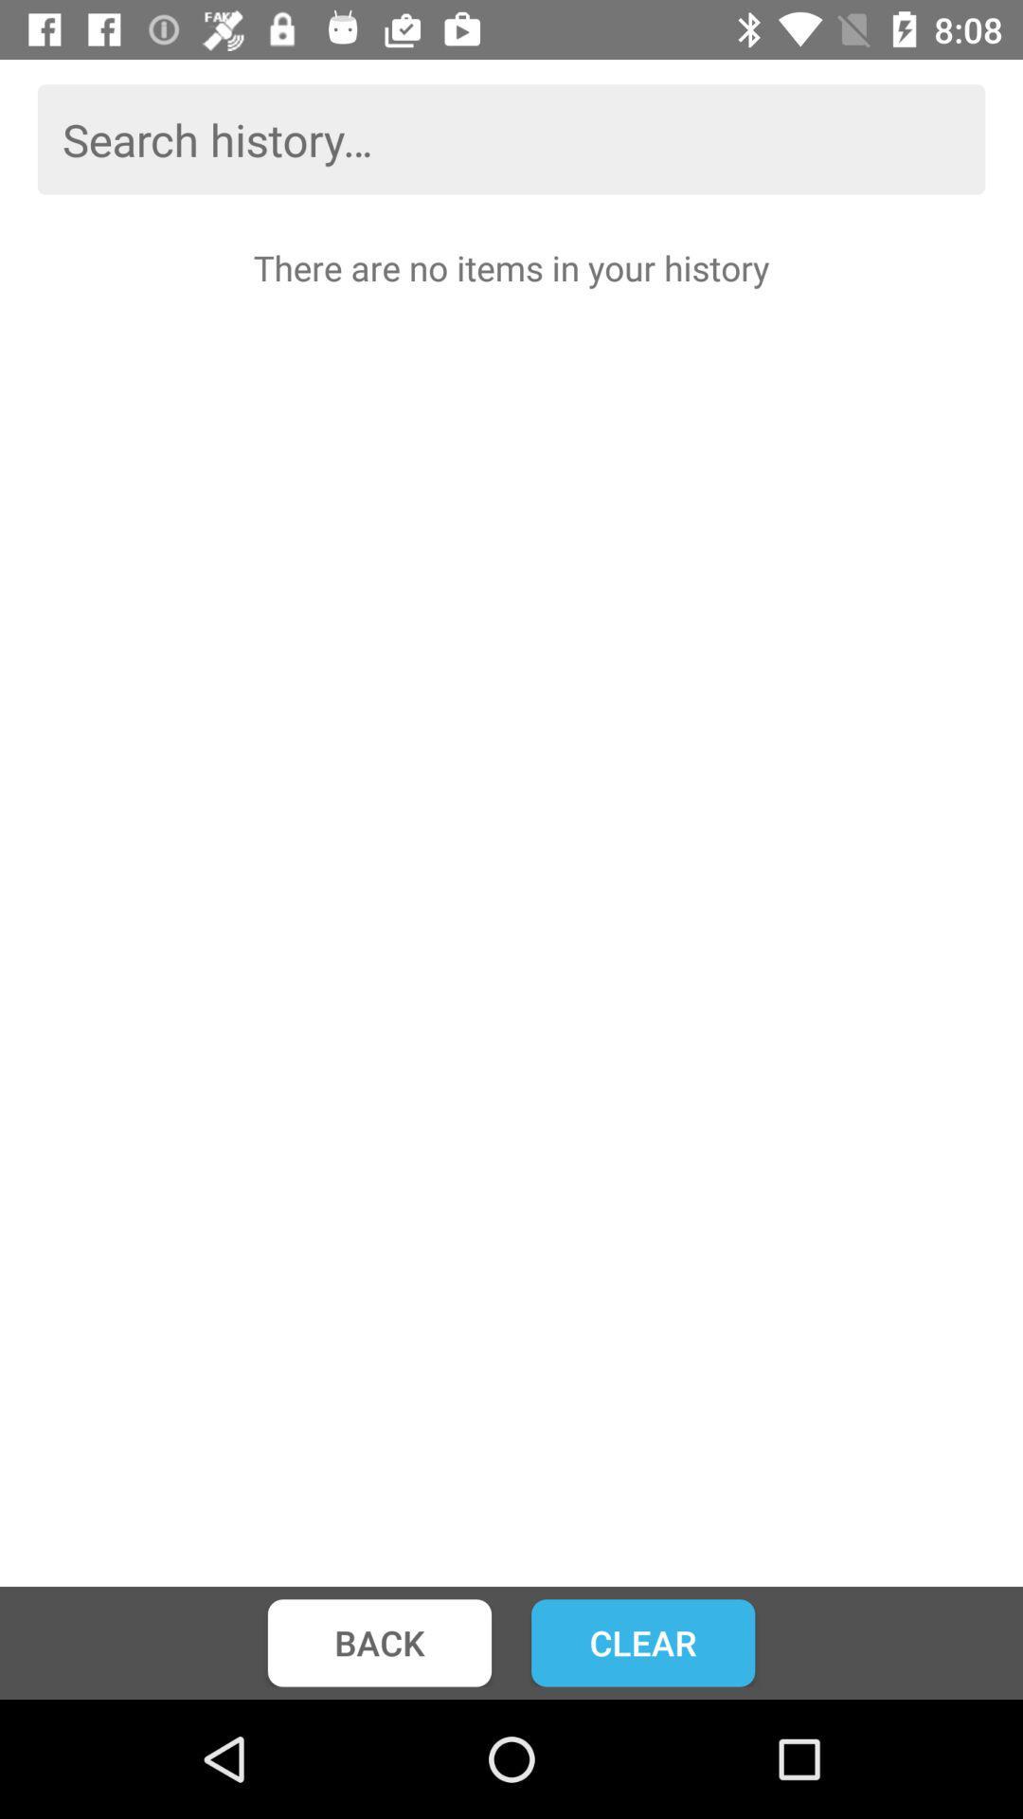  What do you see at coordinates (642, 1642) in the screenshot?
I see `icon to the right of back icon` at bounding box center [642, 1642].